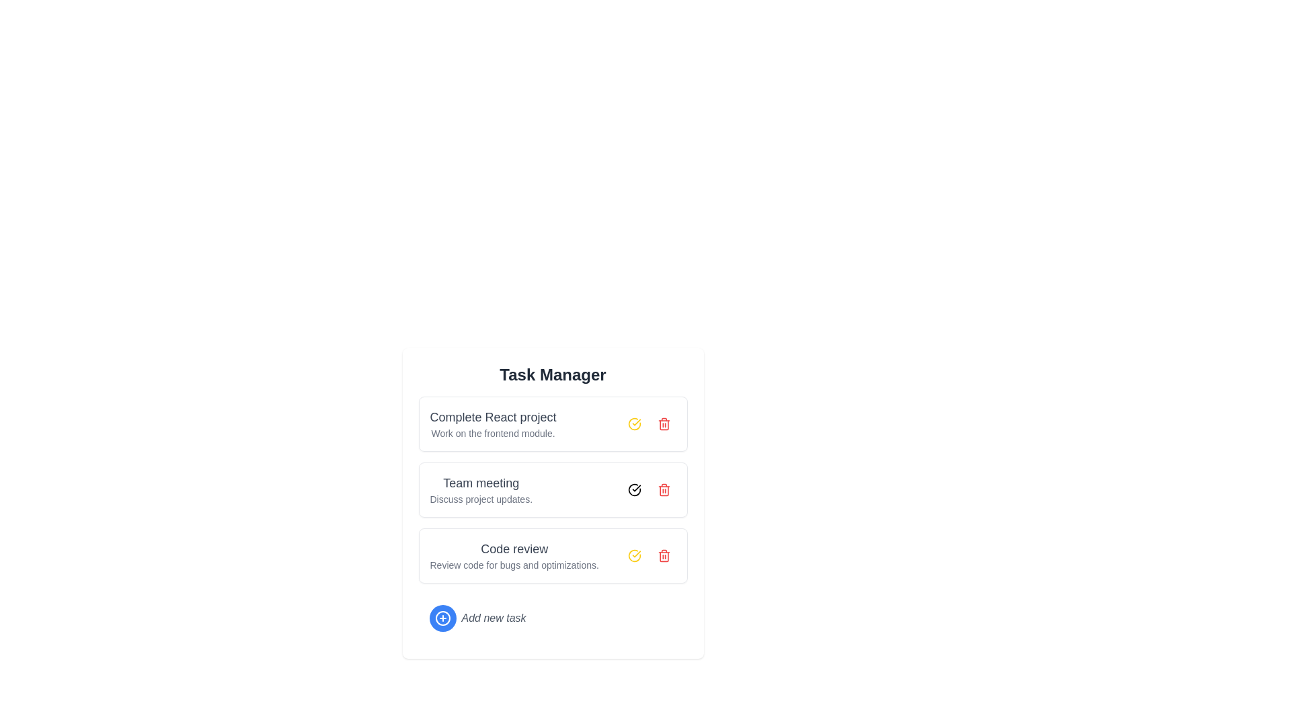 The image size is (1291, 726). I want to click on the first trash icon button located to the right of the 'Complete React project' task entry, so click(664, 424).